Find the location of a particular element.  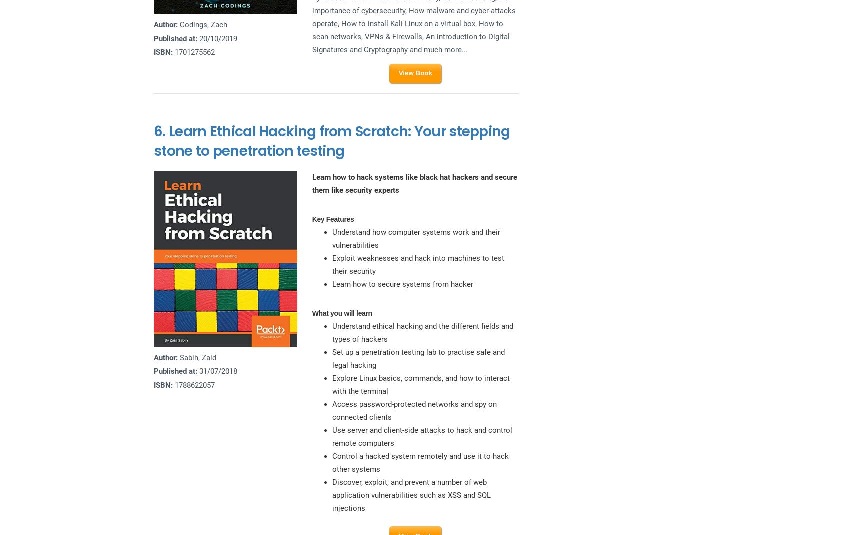

'Understand how computer systems work and their vulnerabilities' is located at coordinates (415, 238).